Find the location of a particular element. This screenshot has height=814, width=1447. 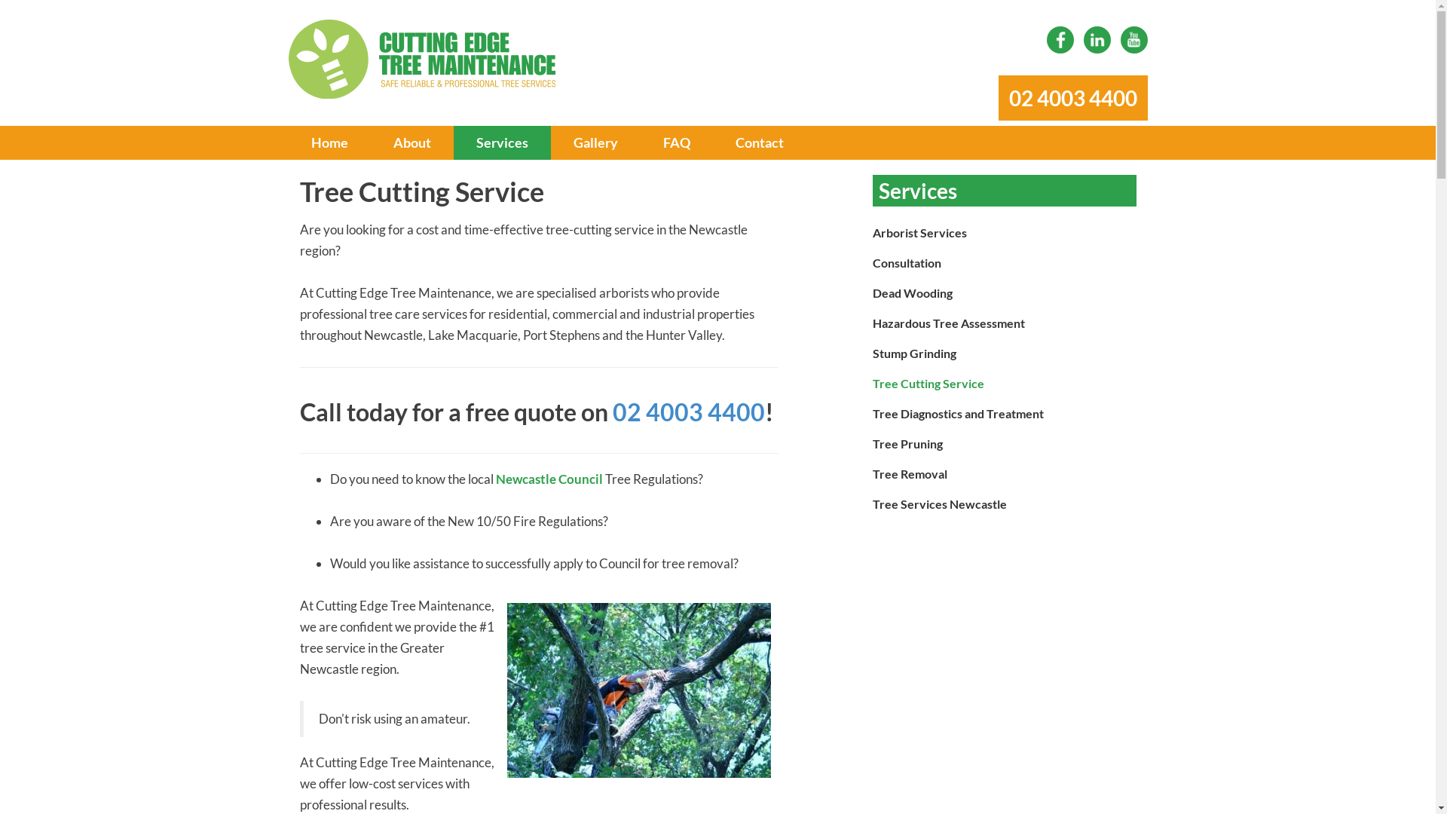

'YouTube' is located at coordinates (1120, 39).